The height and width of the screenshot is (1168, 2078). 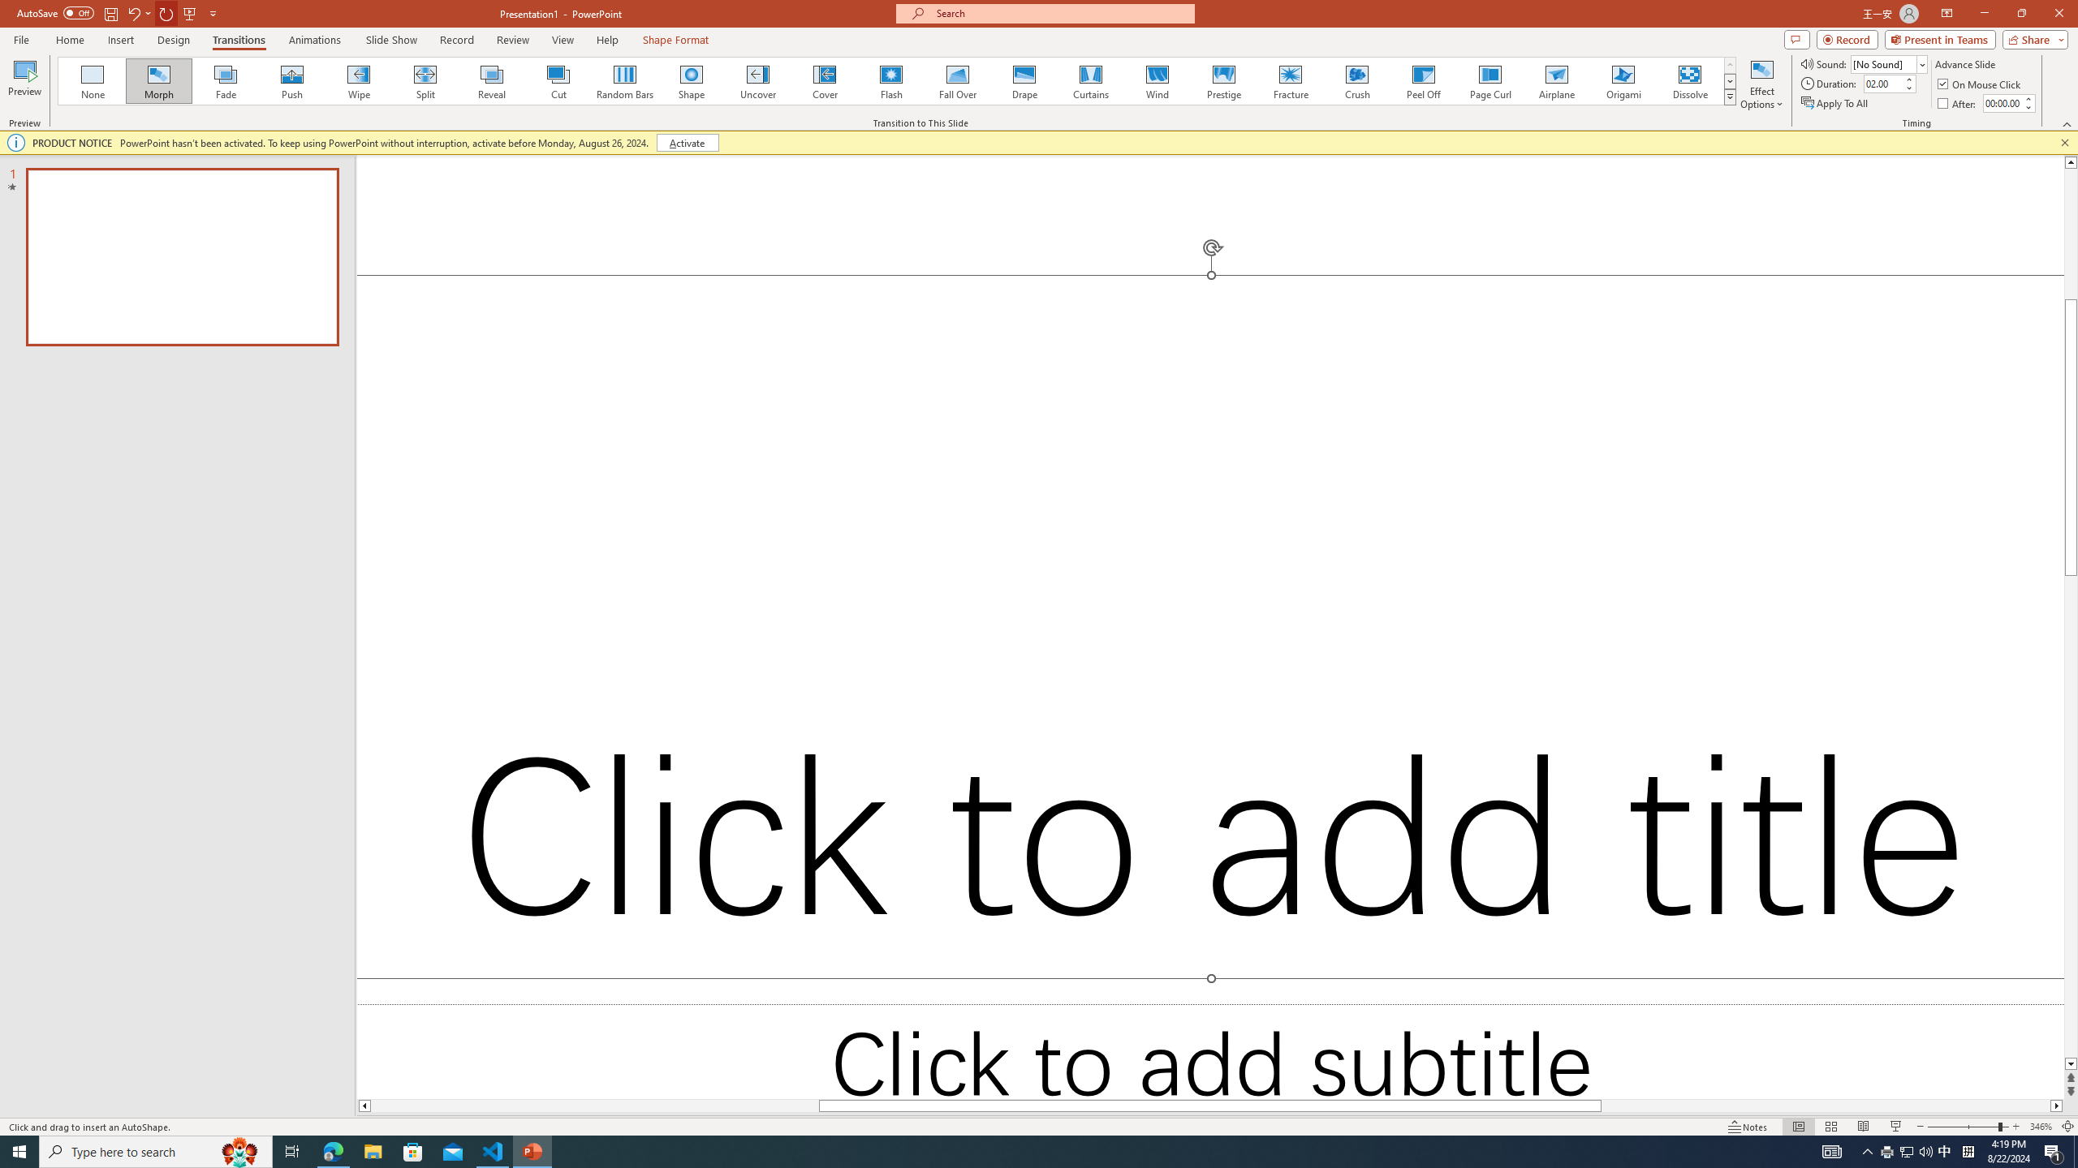 I want to click on 'After', so click(x=2002, y=102).